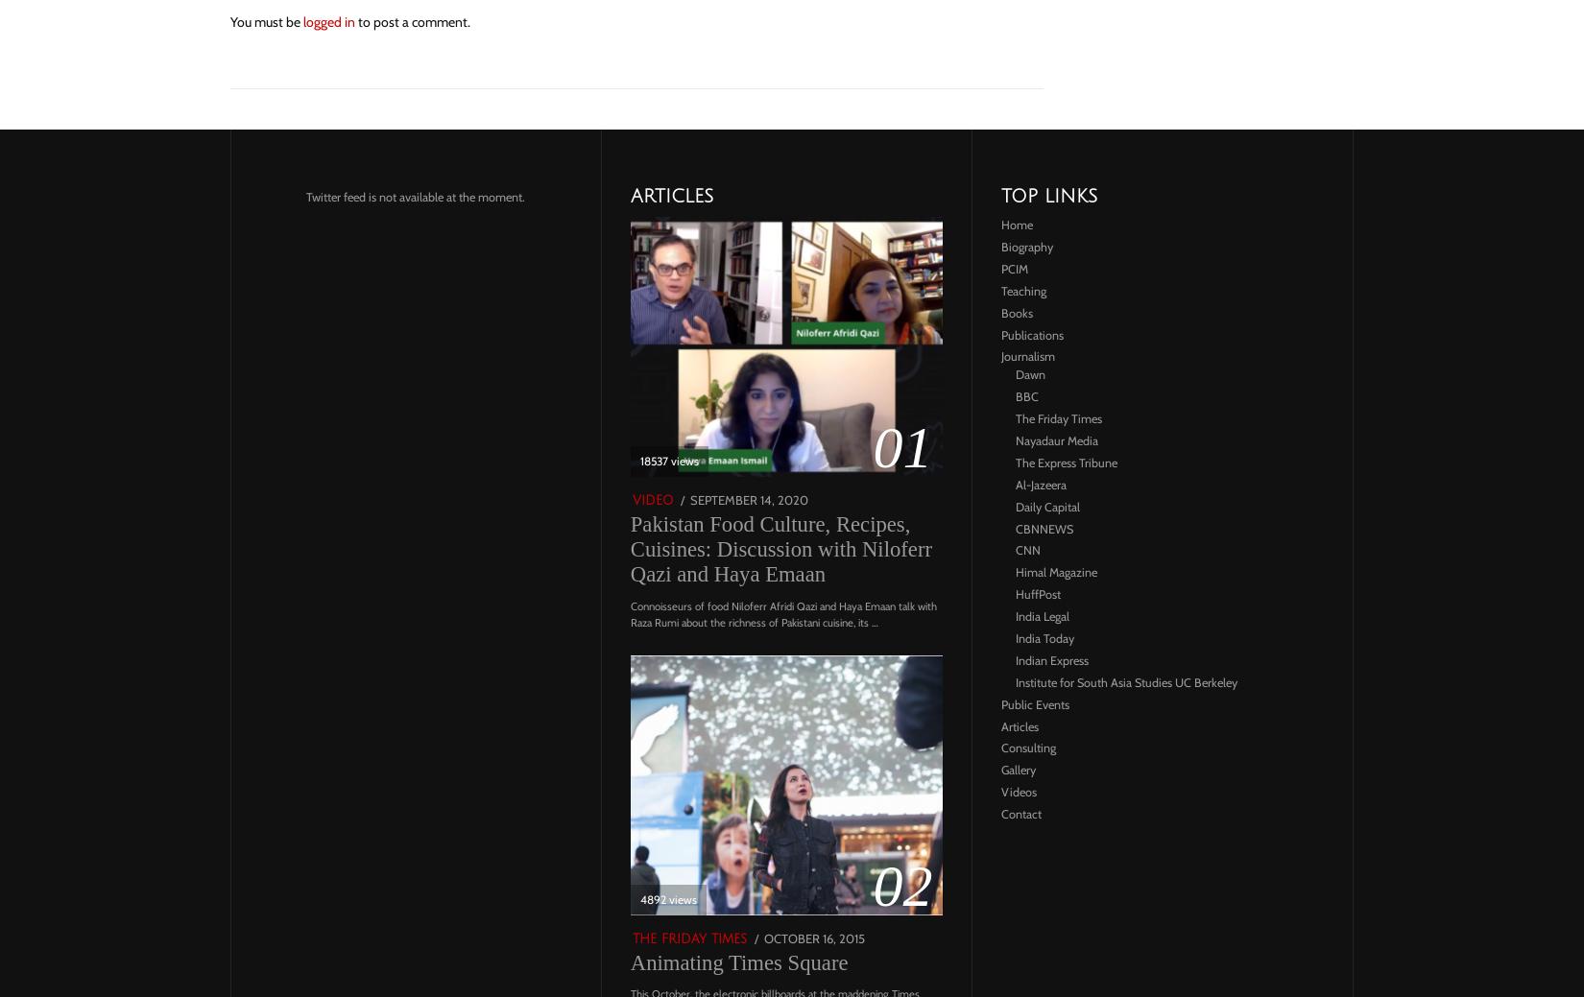 The width and height of the screenshot is (1584, 997). Describe the element at coordinates (1029, 373) in the screenshot. I see `'Dawn'` at that location.